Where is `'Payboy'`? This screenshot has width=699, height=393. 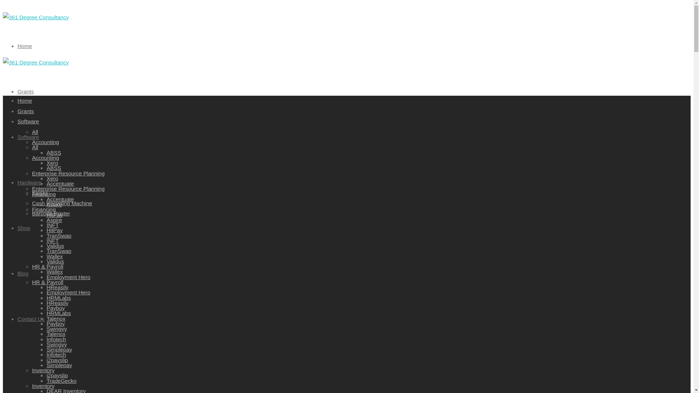 'Payboy' is located at coordinates (55, 323).